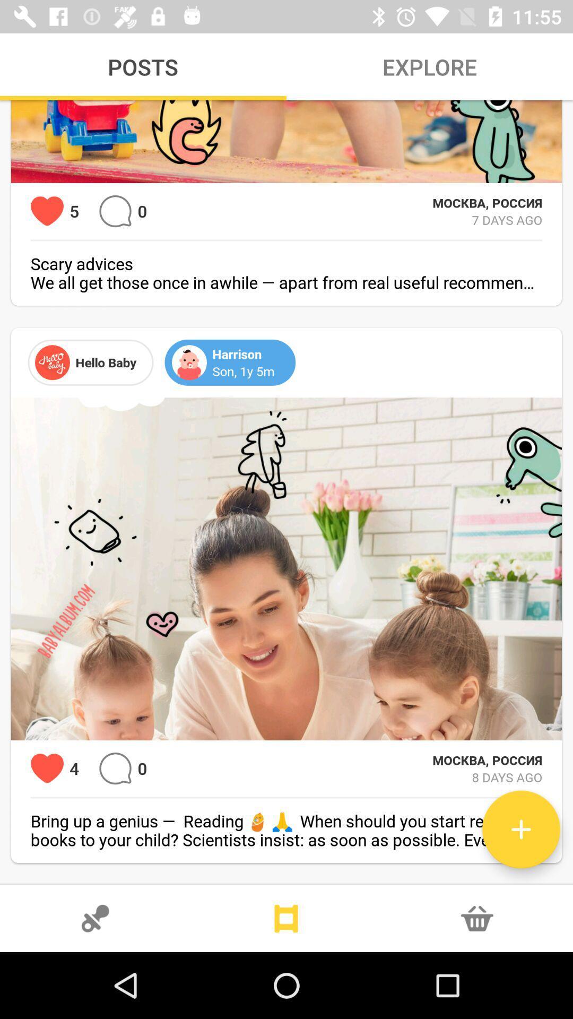 The height and width of the screenshot is (1019, 573). I want to click on chat option, so click(115, 211).